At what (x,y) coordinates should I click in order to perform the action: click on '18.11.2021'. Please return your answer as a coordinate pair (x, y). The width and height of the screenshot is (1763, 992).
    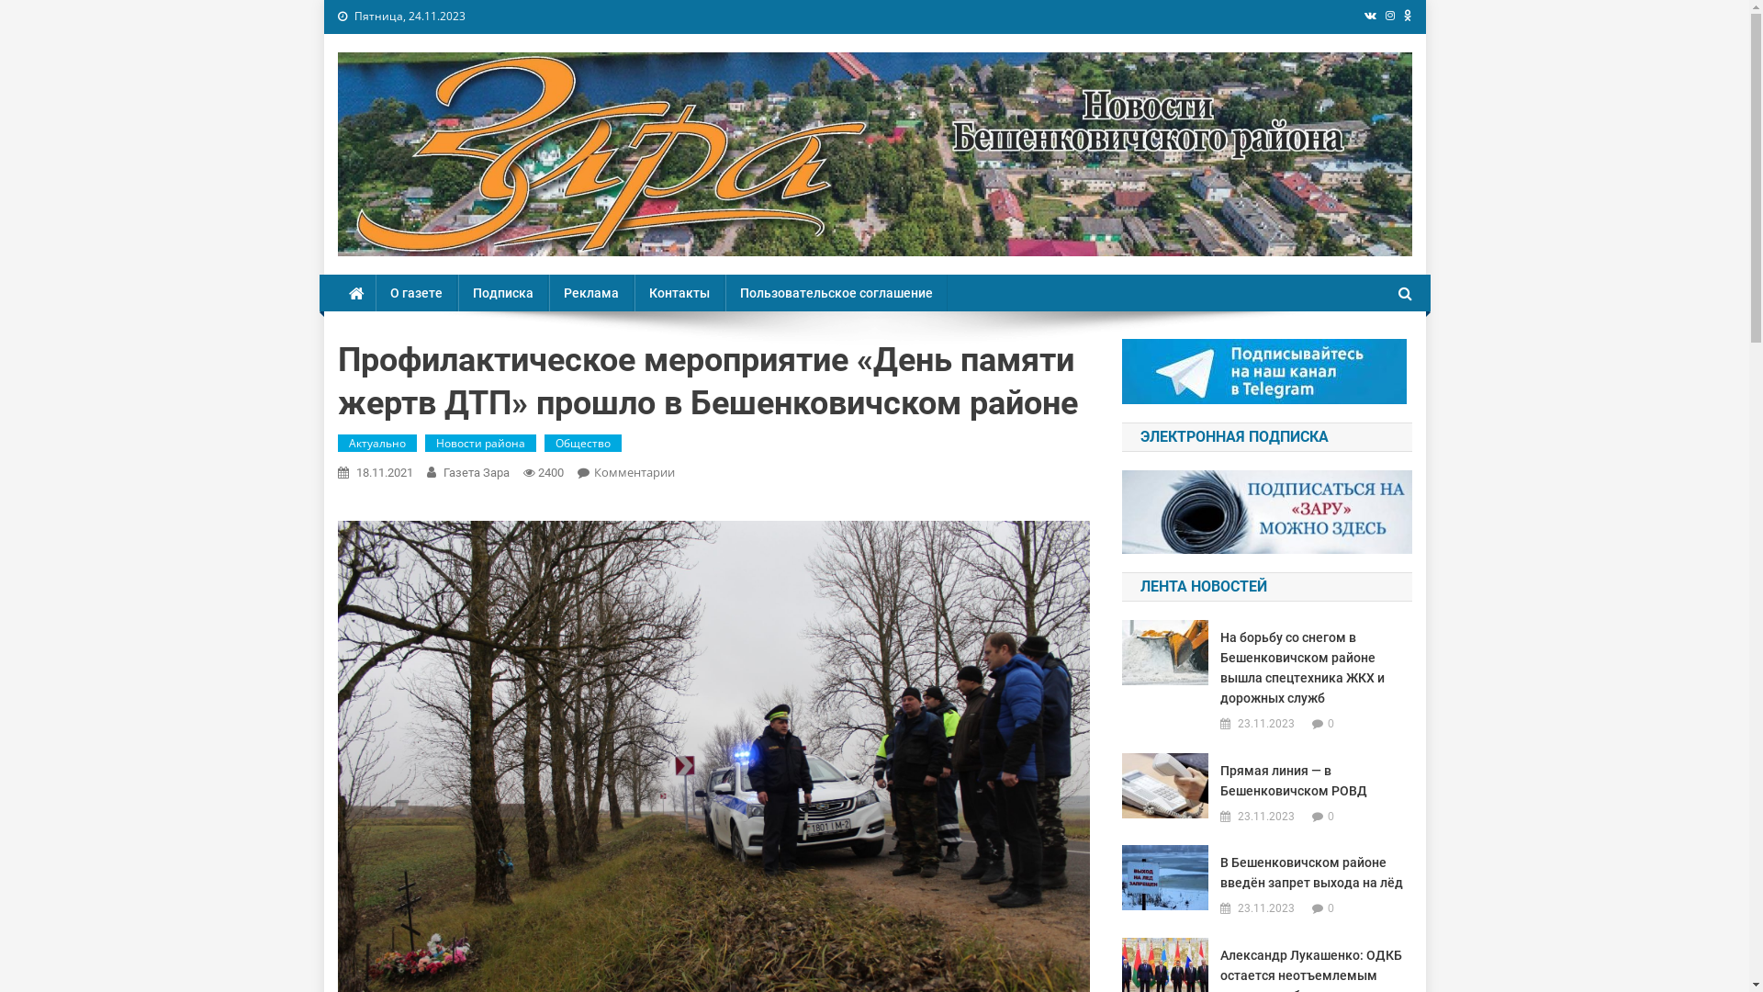
    Looking at the image, I should click on (383, 471).